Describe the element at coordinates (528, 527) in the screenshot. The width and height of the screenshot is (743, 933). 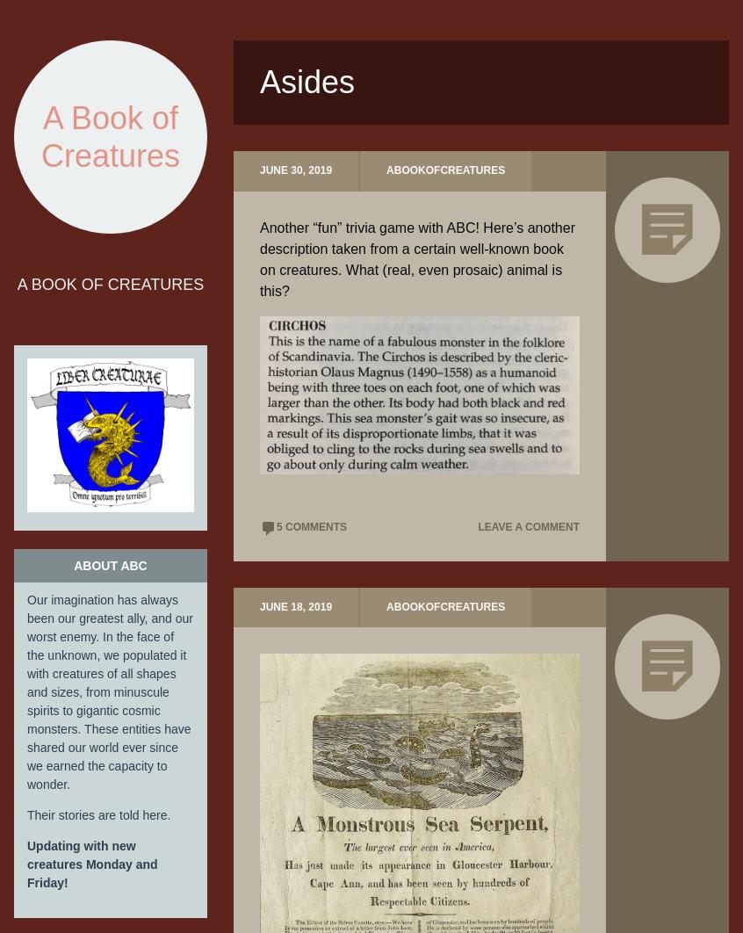
I see `'Leave a comment'` at that location.